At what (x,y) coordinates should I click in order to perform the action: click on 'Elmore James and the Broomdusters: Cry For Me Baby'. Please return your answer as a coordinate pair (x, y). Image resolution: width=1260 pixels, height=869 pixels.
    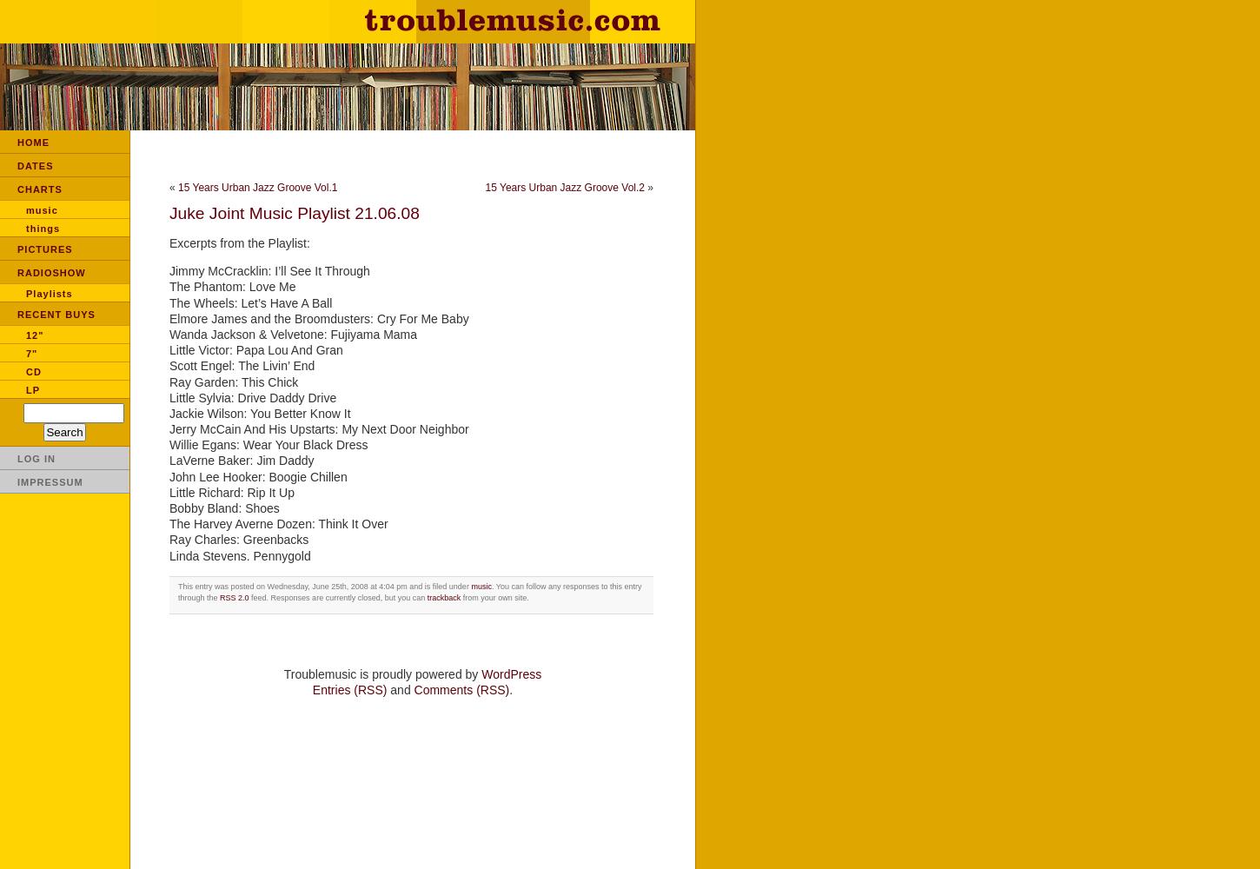
    Looking at the image, I should click on (317, 317).